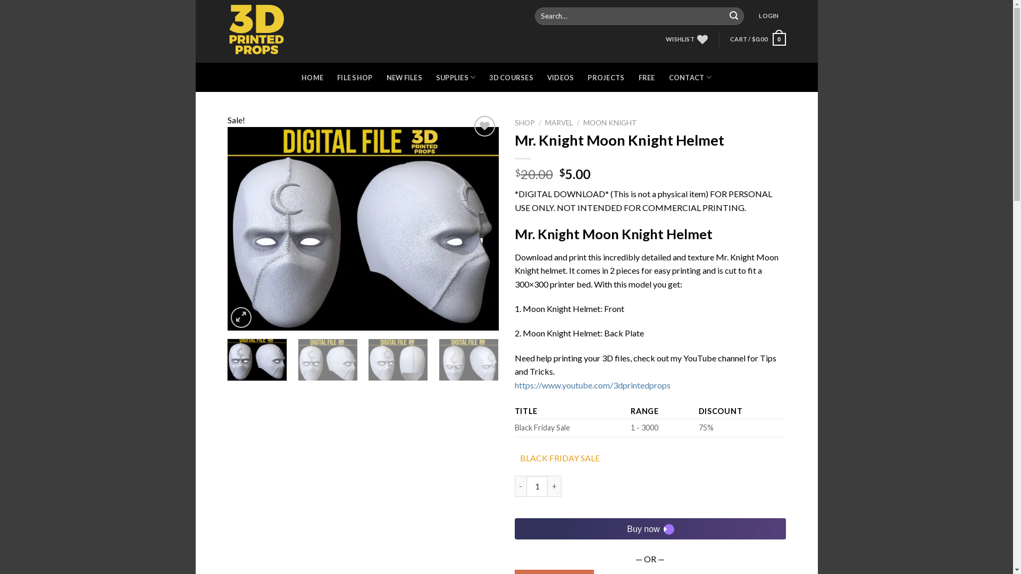 The image size is (1021, 574). Describe the element at coordinates (560, 77) in the screenshot. I see `'VIDEOS'` at that location.